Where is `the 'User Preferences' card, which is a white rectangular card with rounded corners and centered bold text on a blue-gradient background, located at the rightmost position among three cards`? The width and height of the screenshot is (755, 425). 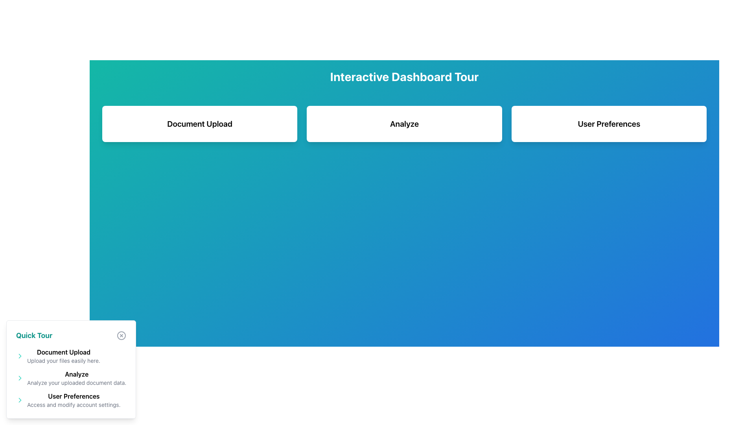
the 'User Preferences' card, which is a white rectangular card with rounded corners and centered bold text on a blue-gradient background, located at the rightmost position among three cards is located at coordinates (608, 124).